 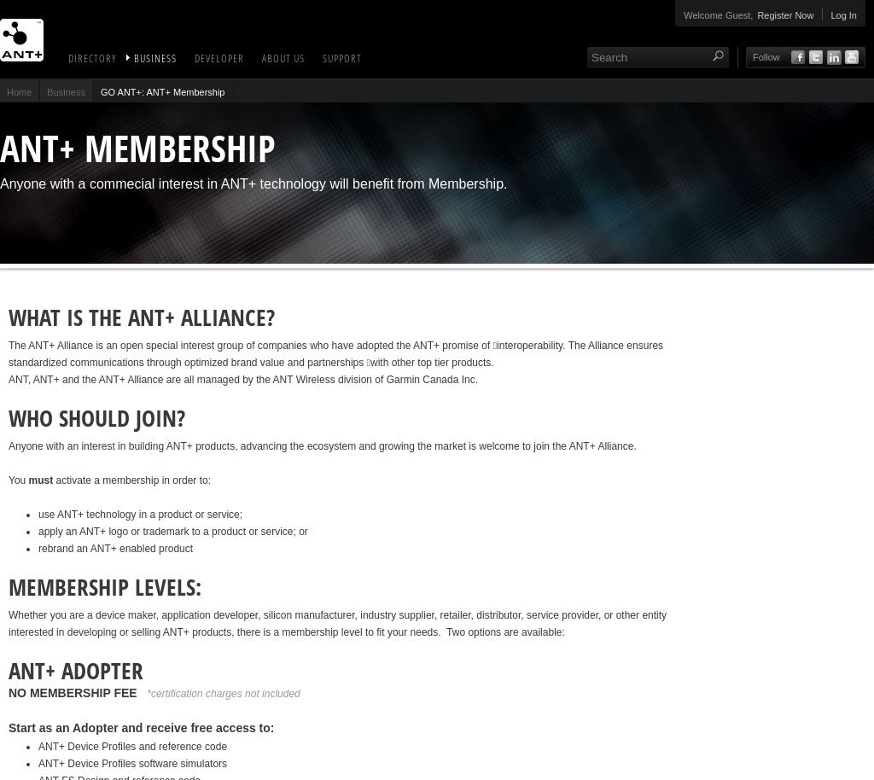 What do you see at coordinates (37, 762) in the screenshot?
I see `'ANT+ Device Profiles software simulators'` at bounding box center [37, 762].